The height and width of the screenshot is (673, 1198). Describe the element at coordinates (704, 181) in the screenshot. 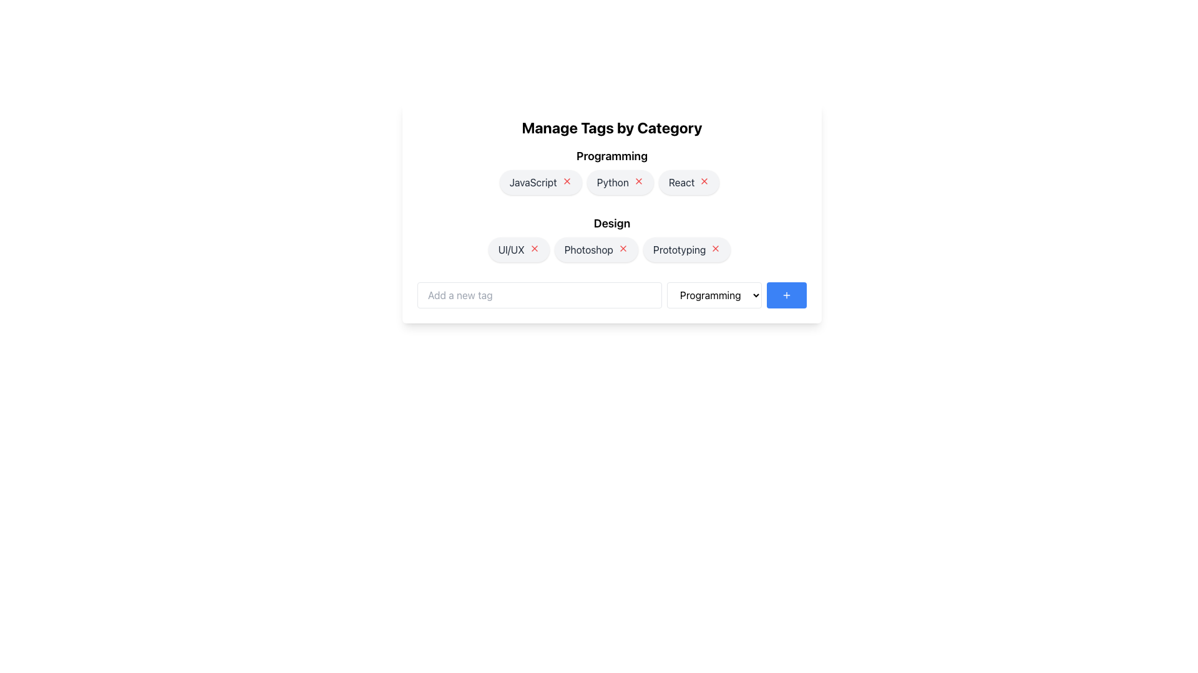

I see `the small red 'X' close icon located to the right of the text 'React'` at that location.